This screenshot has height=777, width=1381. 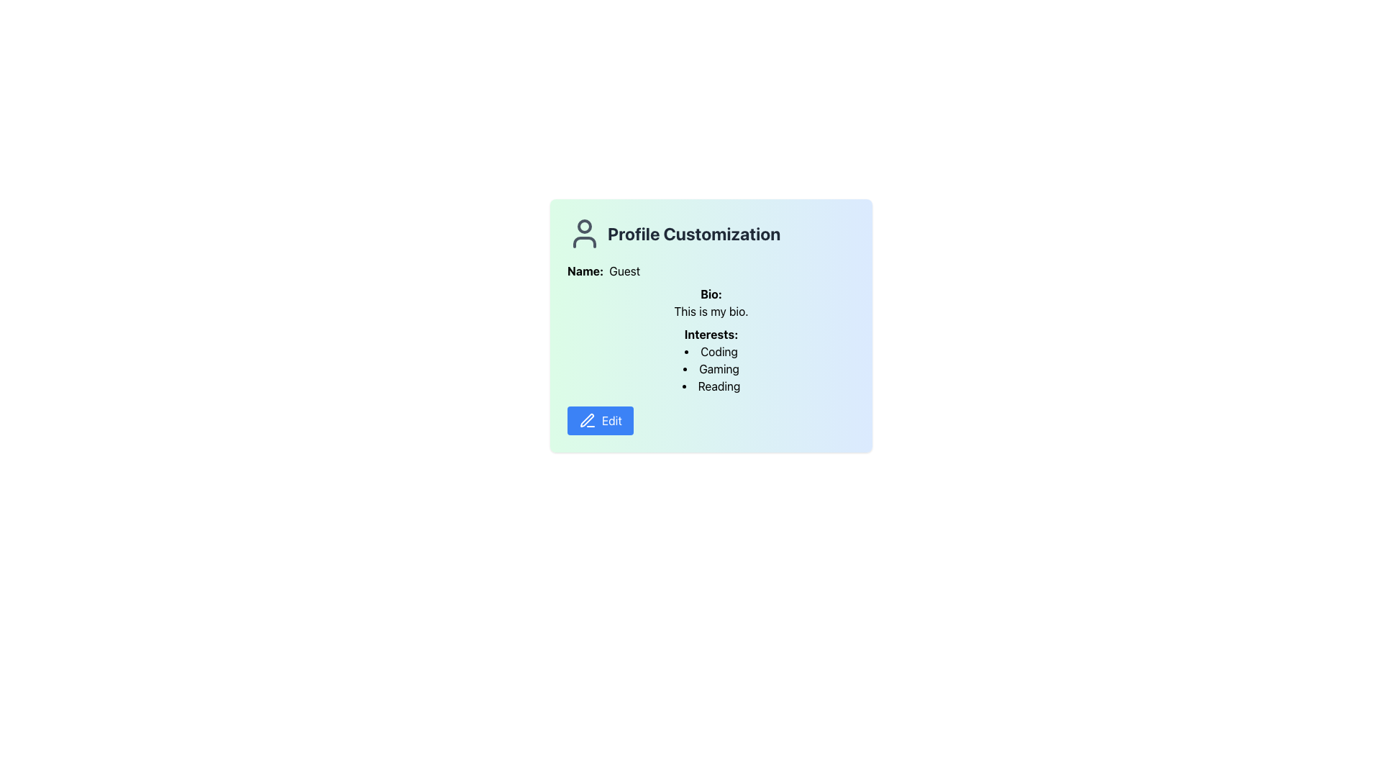 What do you see at coordinates (611, 421) in the screenshot?
I see `the 'Edit' text label displayed in white on a blue button with rounded corners located at the bottom left of the profile card section` at bounding box center [611, 421].